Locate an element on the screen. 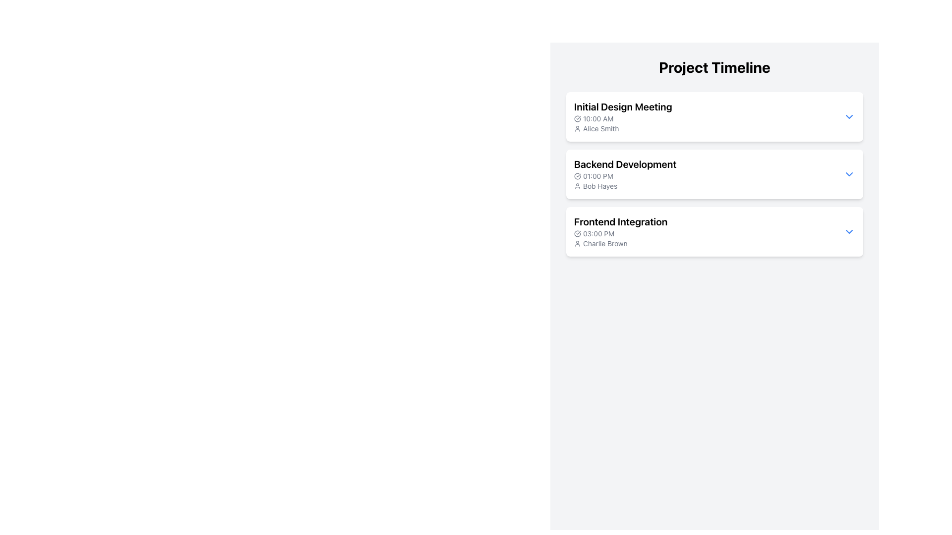 This screenshot has width=952, height=535. the third item in the vertical list or timeline, which displays details of a scheduled item including title, time, and participant is located at coordinates (714, 231).